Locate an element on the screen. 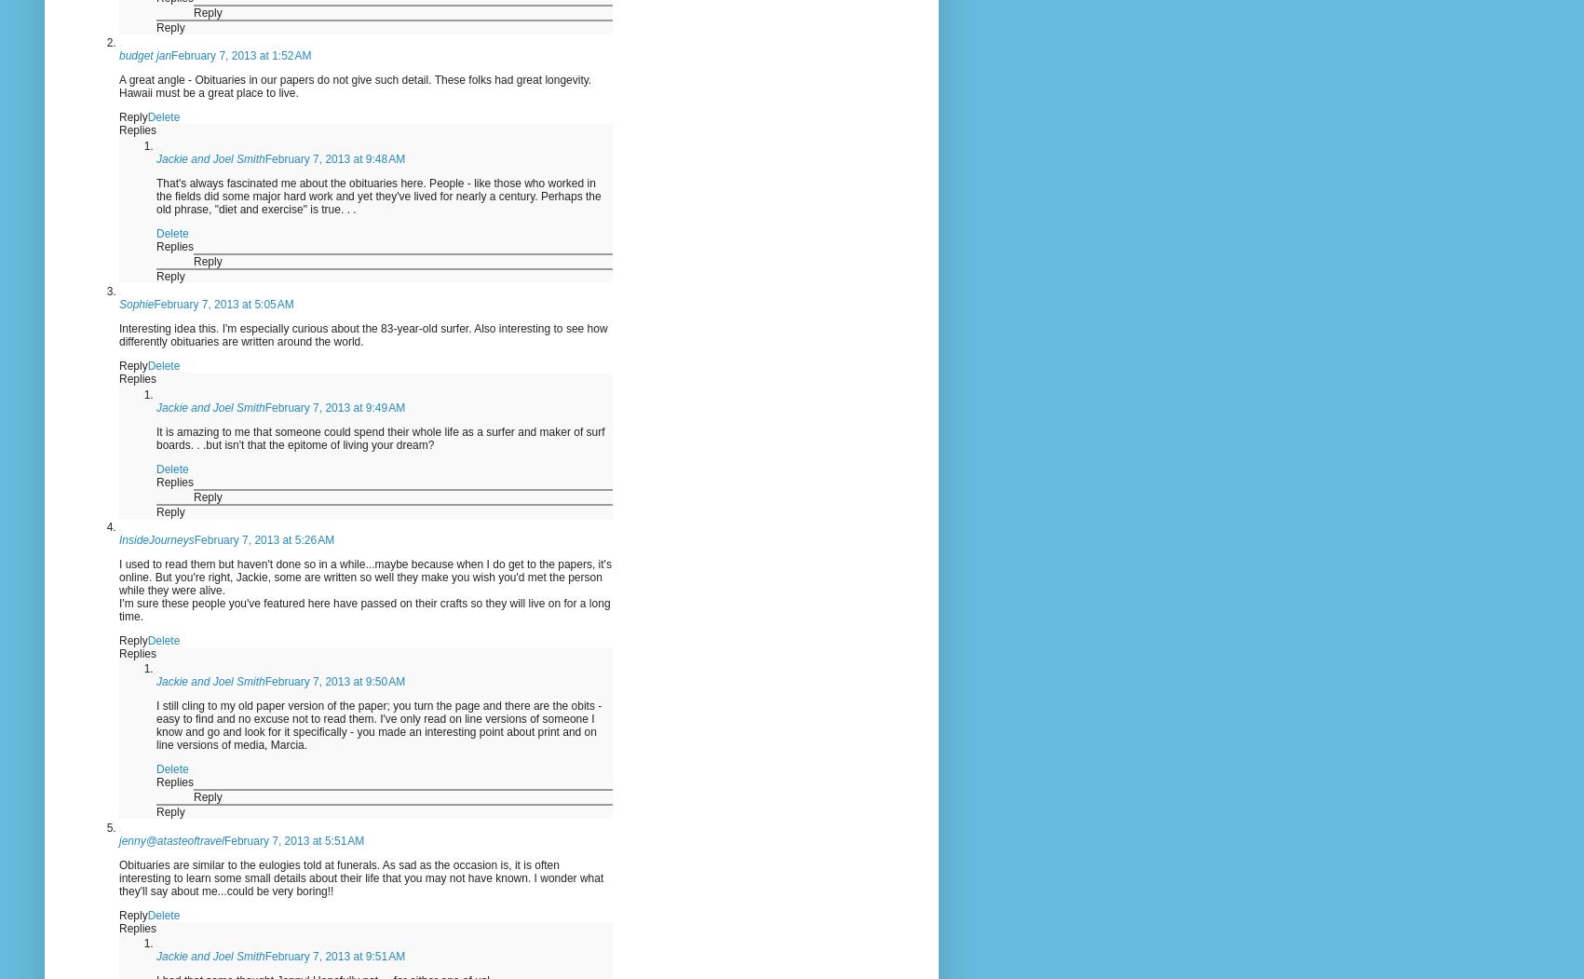 The image size is (1584, 979). 'February 7, 2013 at 9:49 AM' is located at coordinates (334, 407).